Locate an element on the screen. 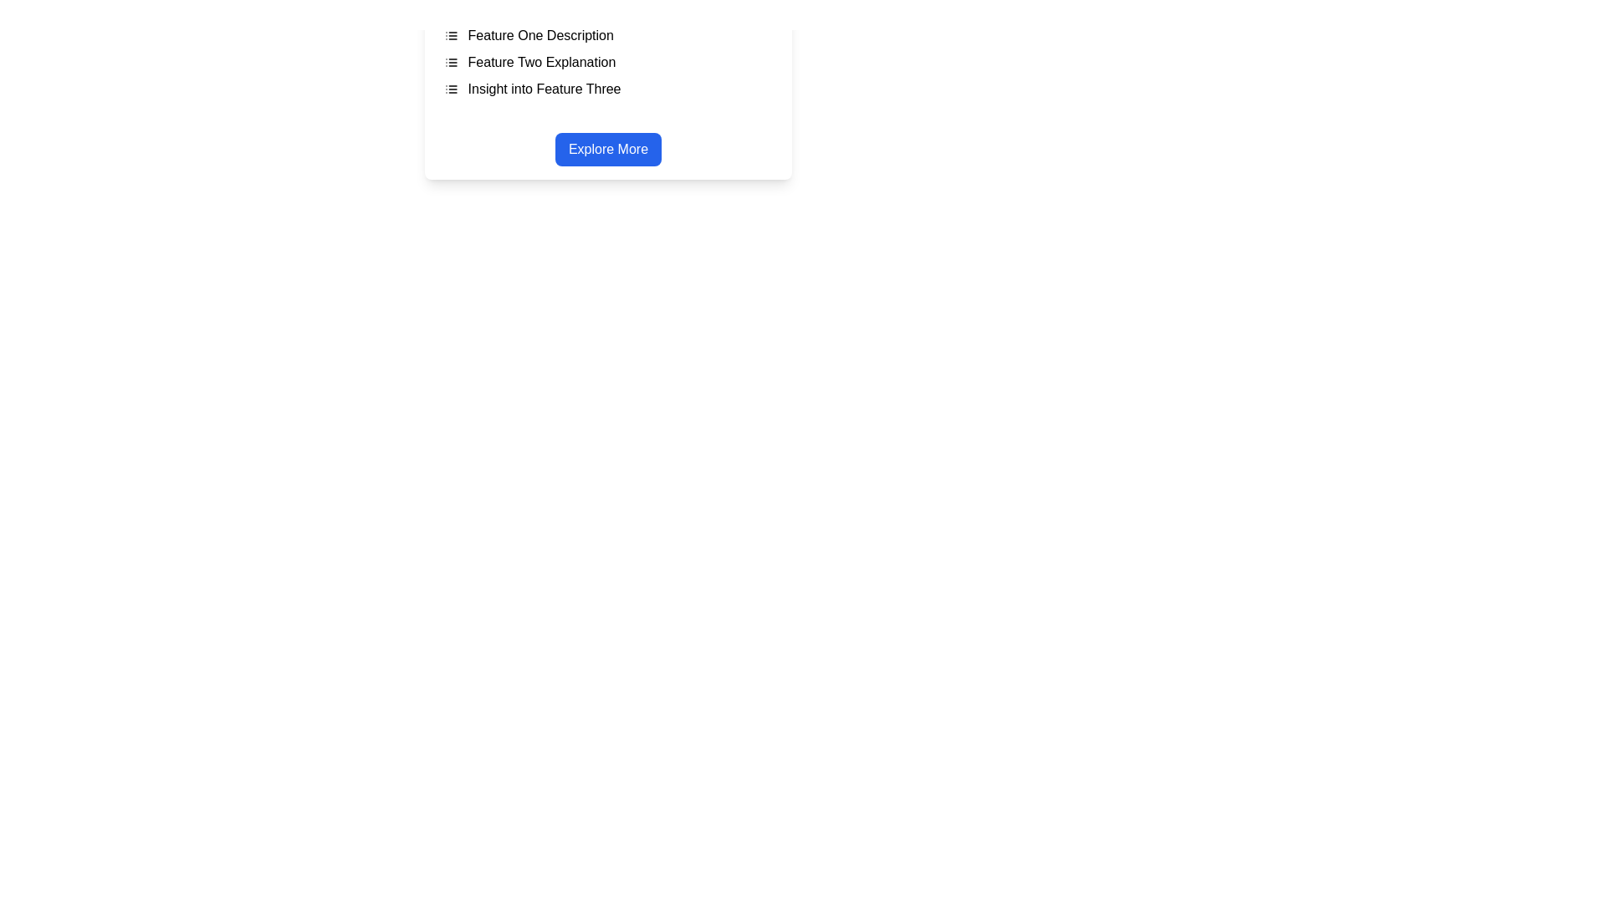 Image resolution: width=1606 pixels, height=903 pixels. the centrally located button that triggers actions related to exploring additional details or features of the app is located at coordinates (607, 148).